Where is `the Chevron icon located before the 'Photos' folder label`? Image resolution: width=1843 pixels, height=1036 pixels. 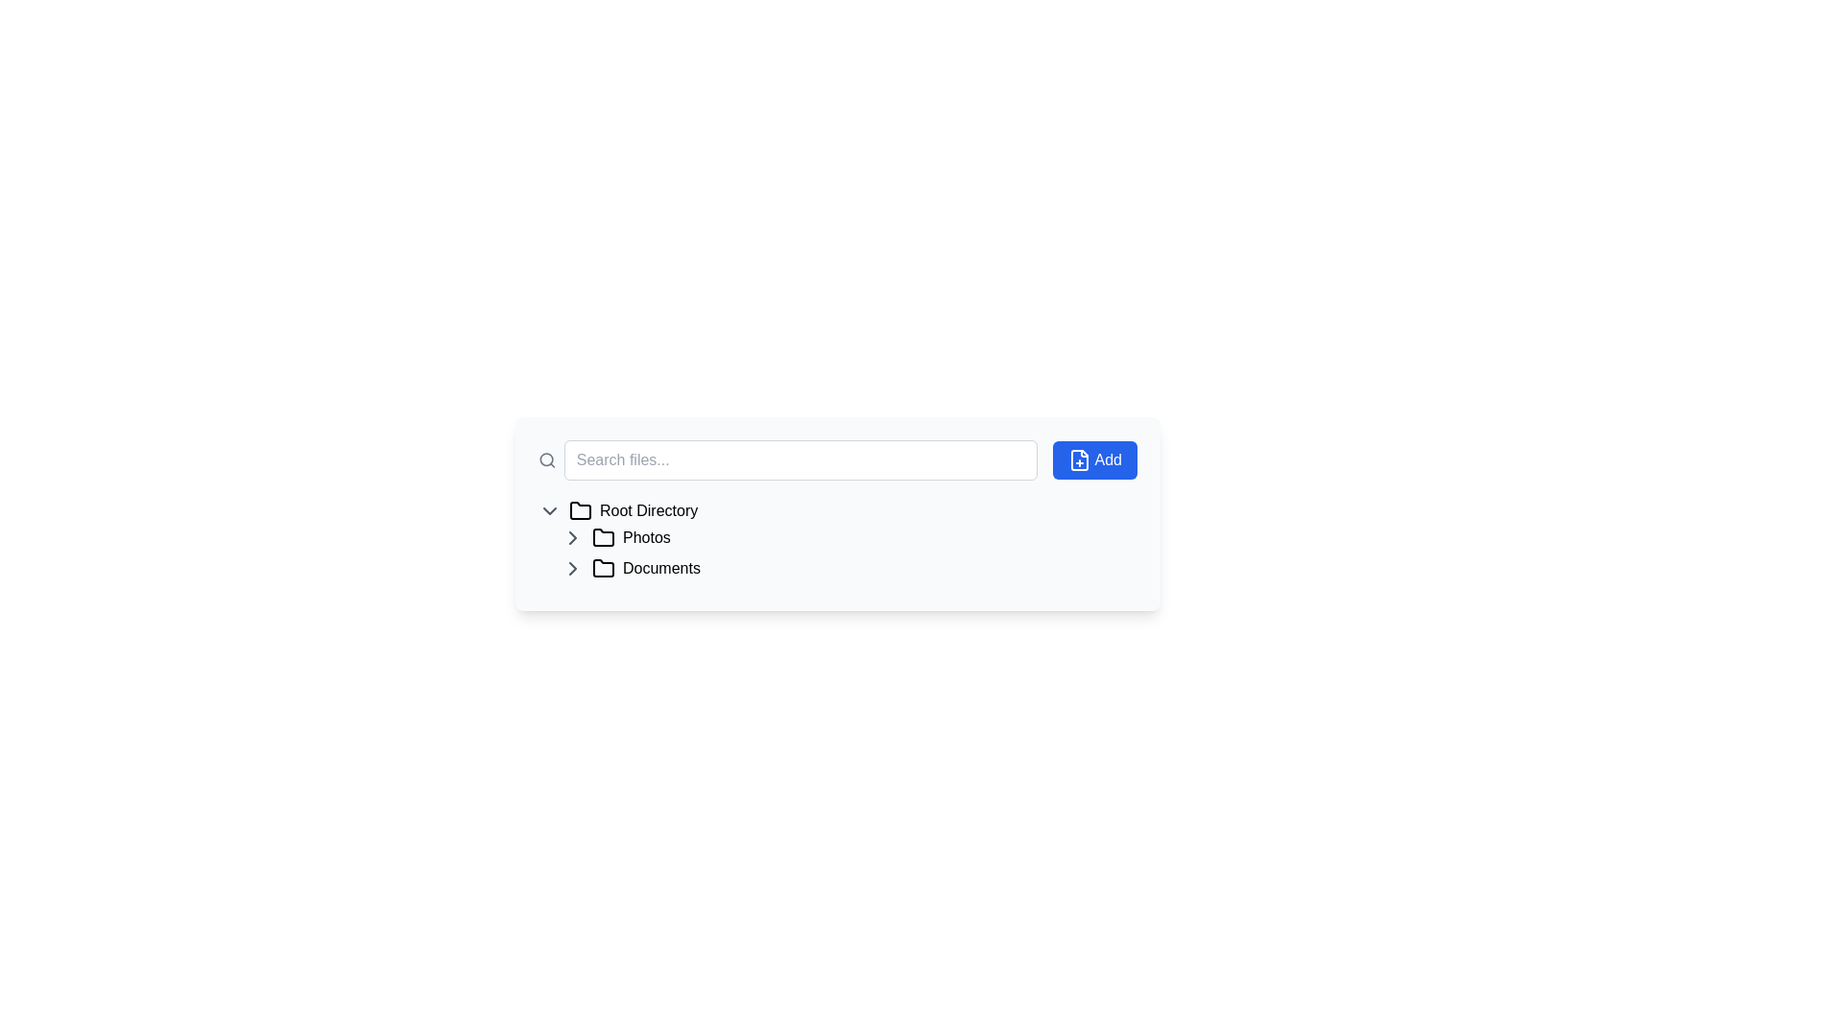 the Chevron icon located before the 'Photos' folder label is located at coordinates (571, 537).